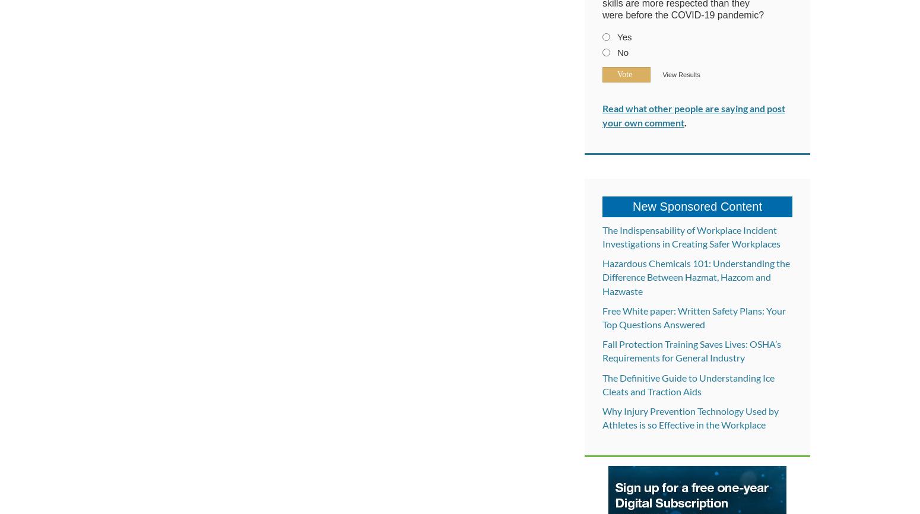 The image size is (920, 514). What do you see at coordinates (696, 277) in the screenshot?
I see `'Hazardous Chemicals 101: Understanding the Difference Between Hazmat, Hazcom and Hazwaste'` at bounding box center [696, 277].